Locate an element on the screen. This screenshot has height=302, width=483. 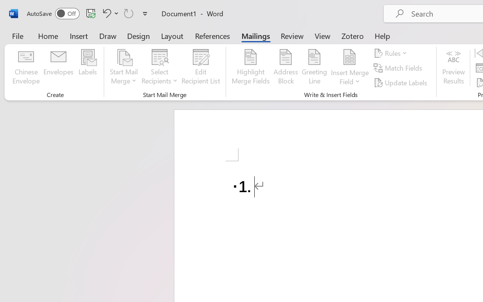
'Preview Results' is located at coordinates (453, 68).